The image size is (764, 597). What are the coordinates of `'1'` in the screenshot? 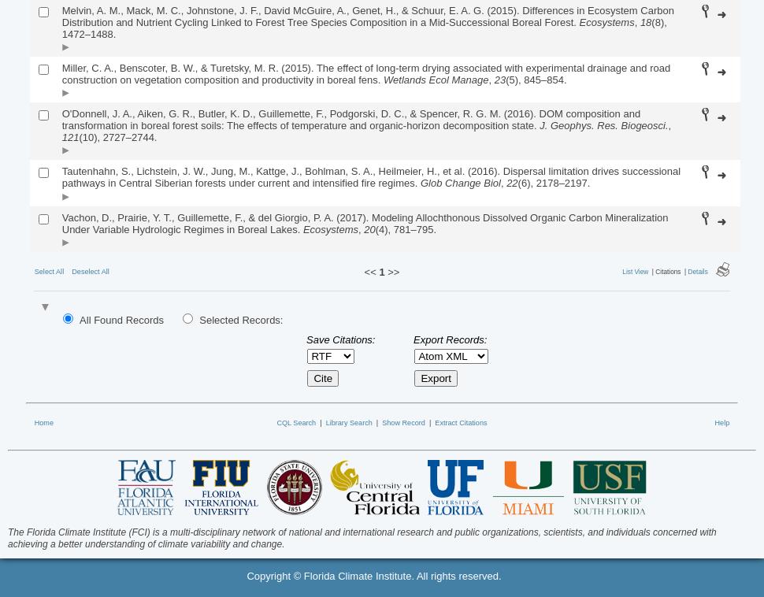 It's located at (380, 271).